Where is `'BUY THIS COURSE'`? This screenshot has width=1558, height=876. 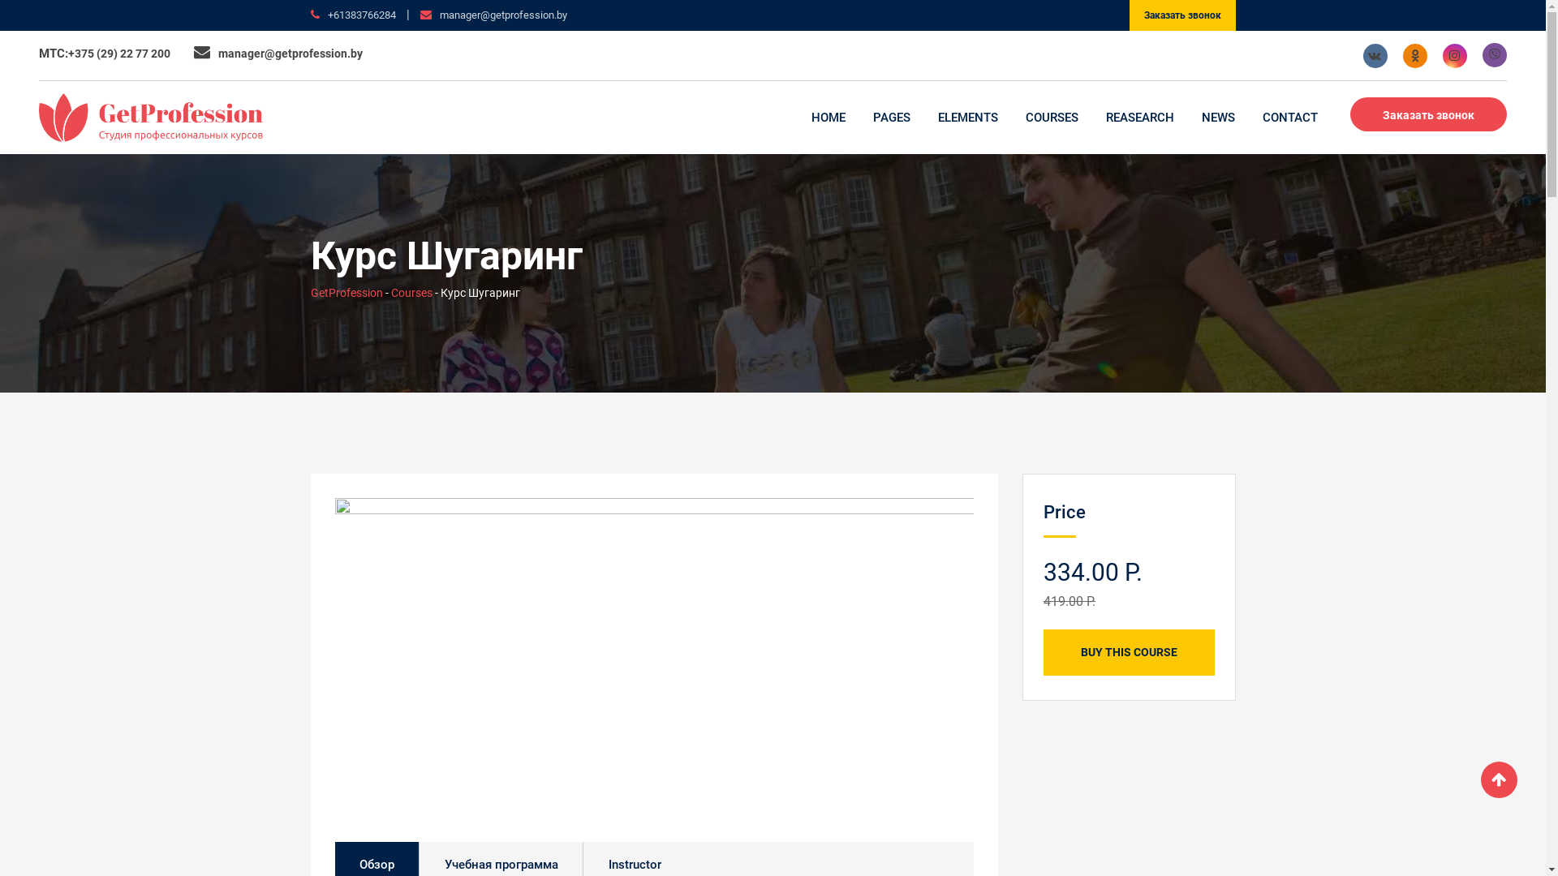
'BUY THIS COURSE' is located at coordinates (1128, 651).